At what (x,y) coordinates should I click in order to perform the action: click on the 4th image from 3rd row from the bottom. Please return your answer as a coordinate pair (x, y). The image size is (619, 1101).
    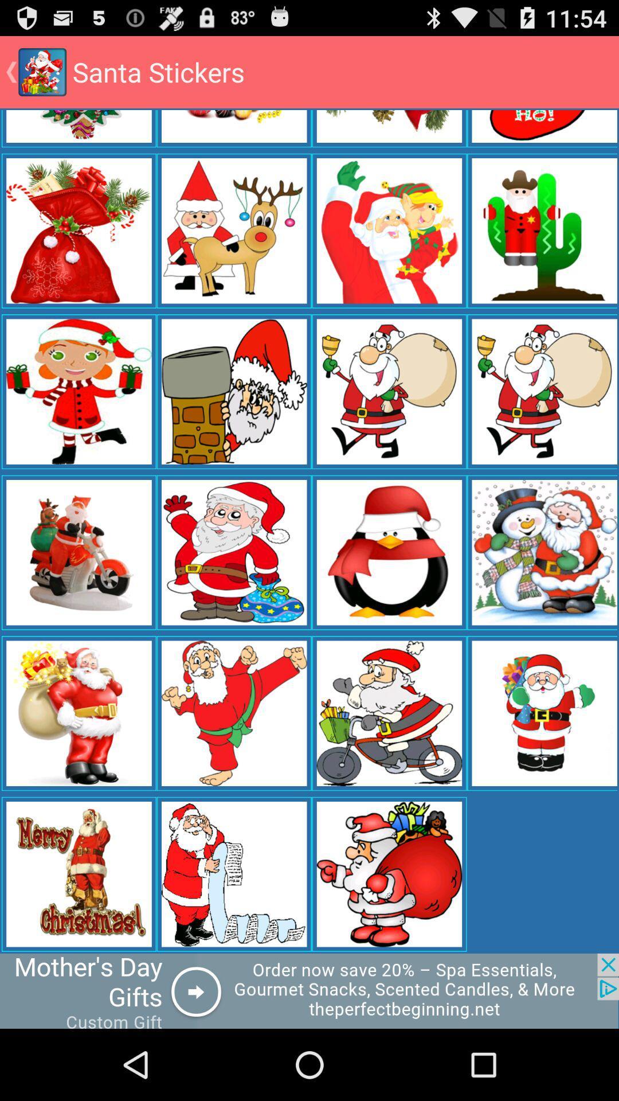
    Looking at the image, I should click on (542, 553).